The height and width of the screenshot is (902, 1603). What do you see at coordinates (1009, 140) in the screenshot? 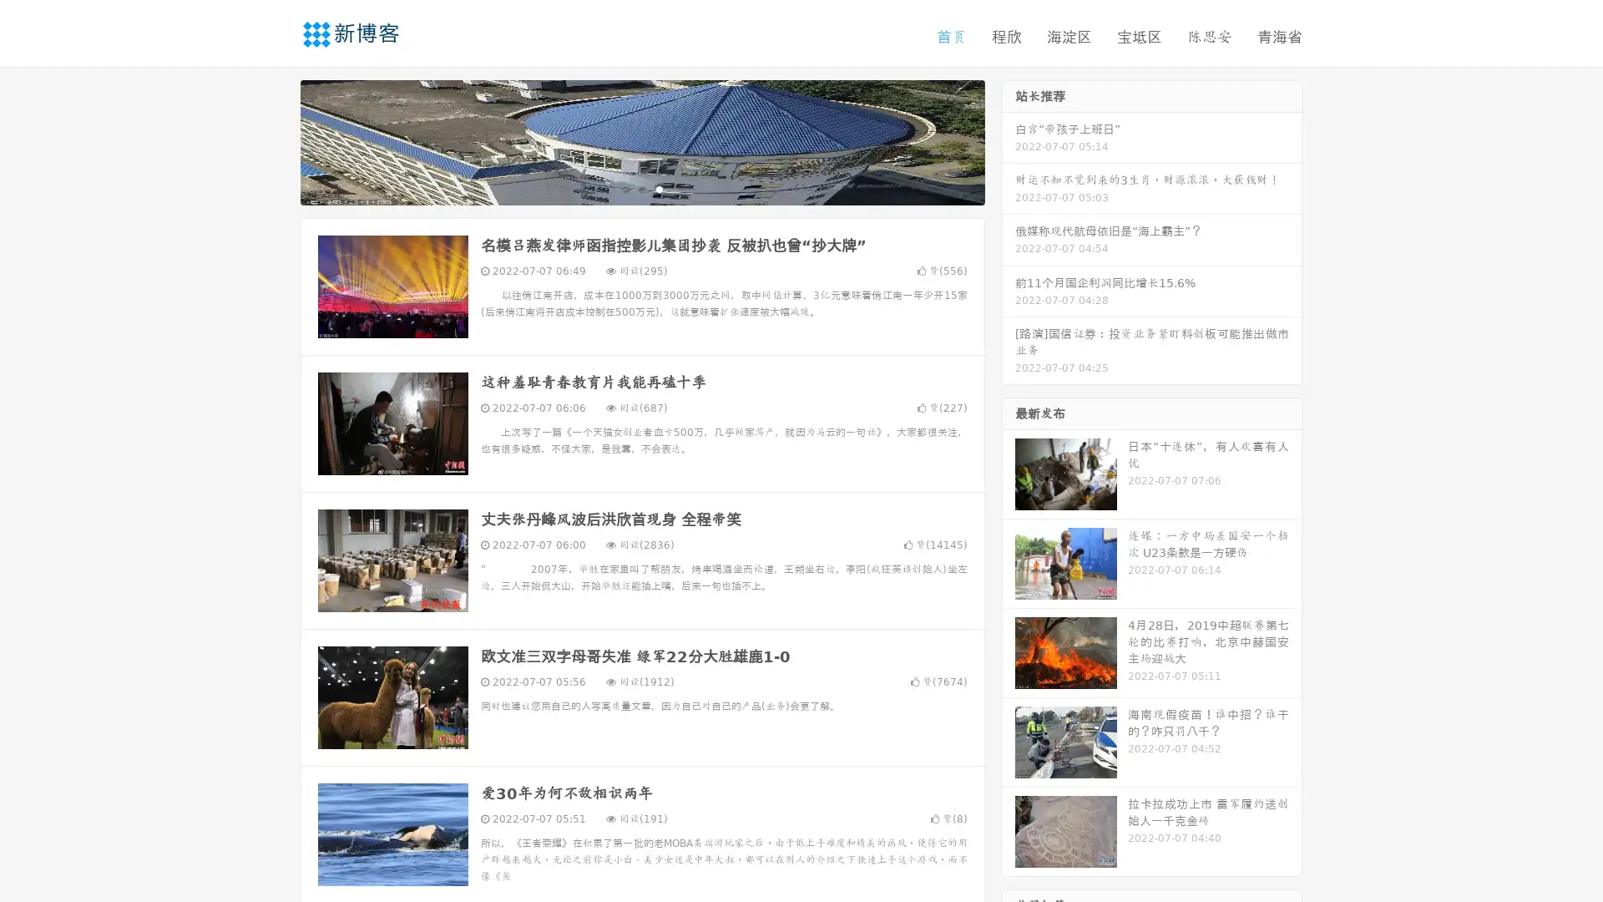
I see `Next slide` at bounding box center [1009, 140].